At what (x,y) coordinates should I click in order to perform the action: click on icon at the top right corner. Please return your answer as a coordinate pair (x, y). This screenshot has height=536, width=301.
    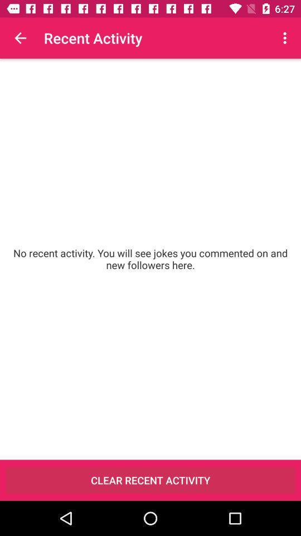
    Looking at the image, I should click on (286, 38).